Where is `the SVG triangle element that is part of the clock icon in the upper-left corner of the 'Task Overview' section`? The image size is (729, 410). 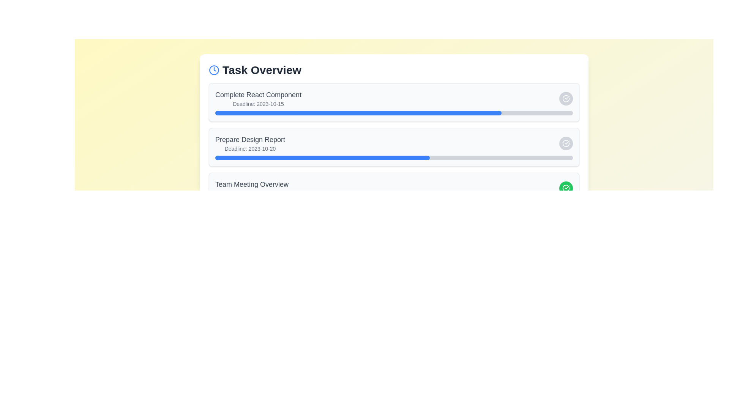 the SVG triangle element that is part of the clock icon in the upper-left corner of the 'Task Overview' section is located at coordinates (215, 69).